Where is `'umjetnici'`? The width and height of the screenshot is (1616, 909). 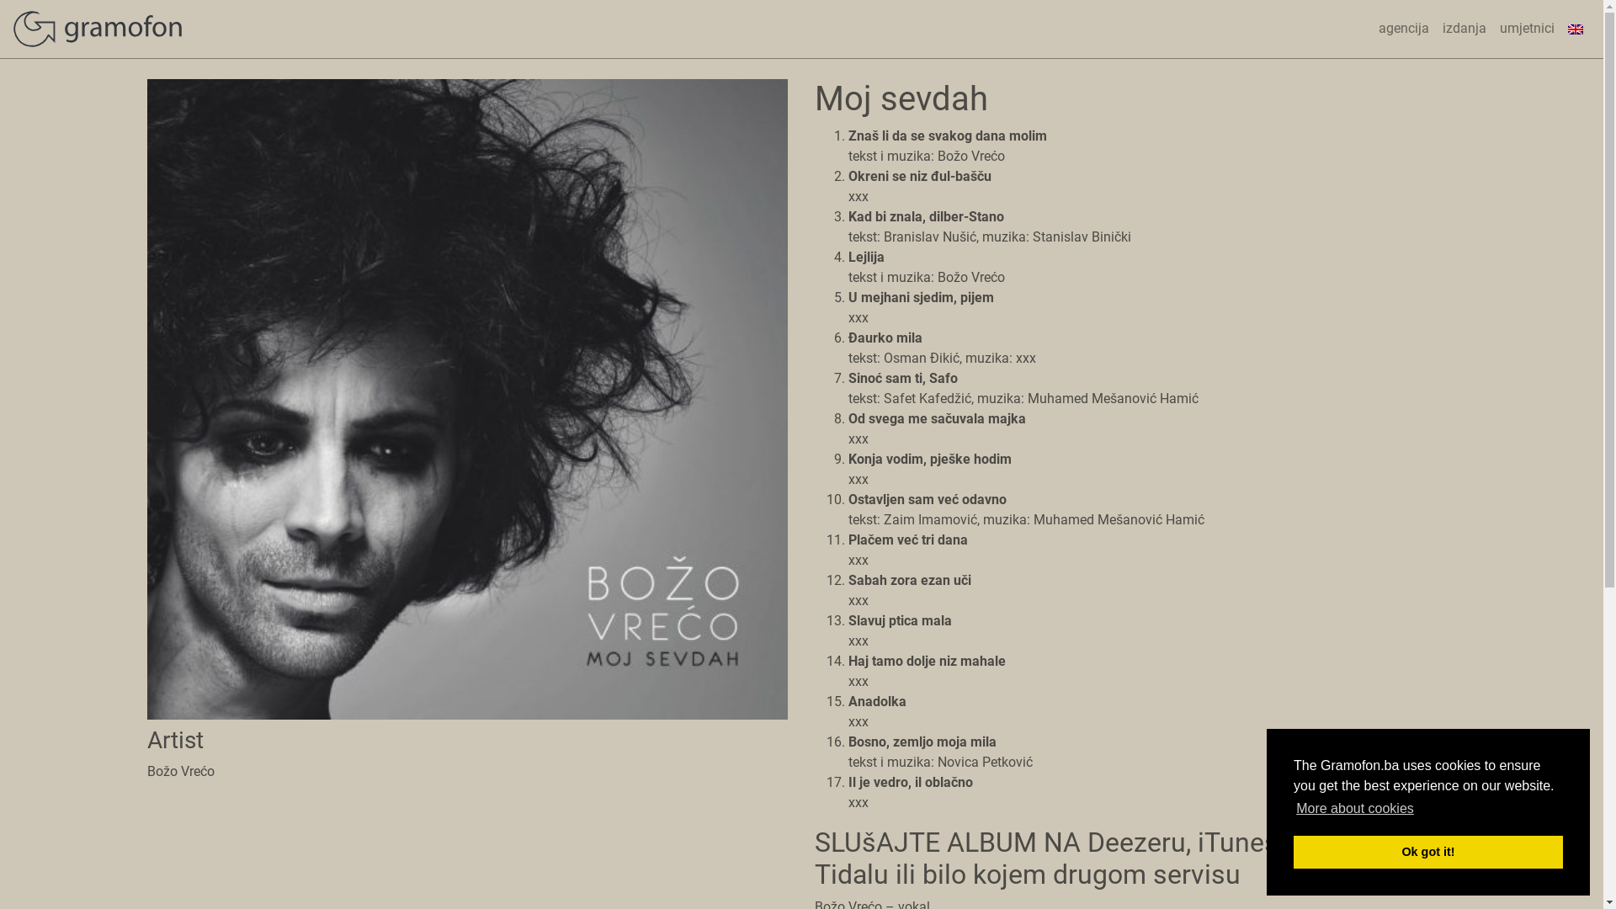 'umjetnici' is located at coordinates (1527, 29).